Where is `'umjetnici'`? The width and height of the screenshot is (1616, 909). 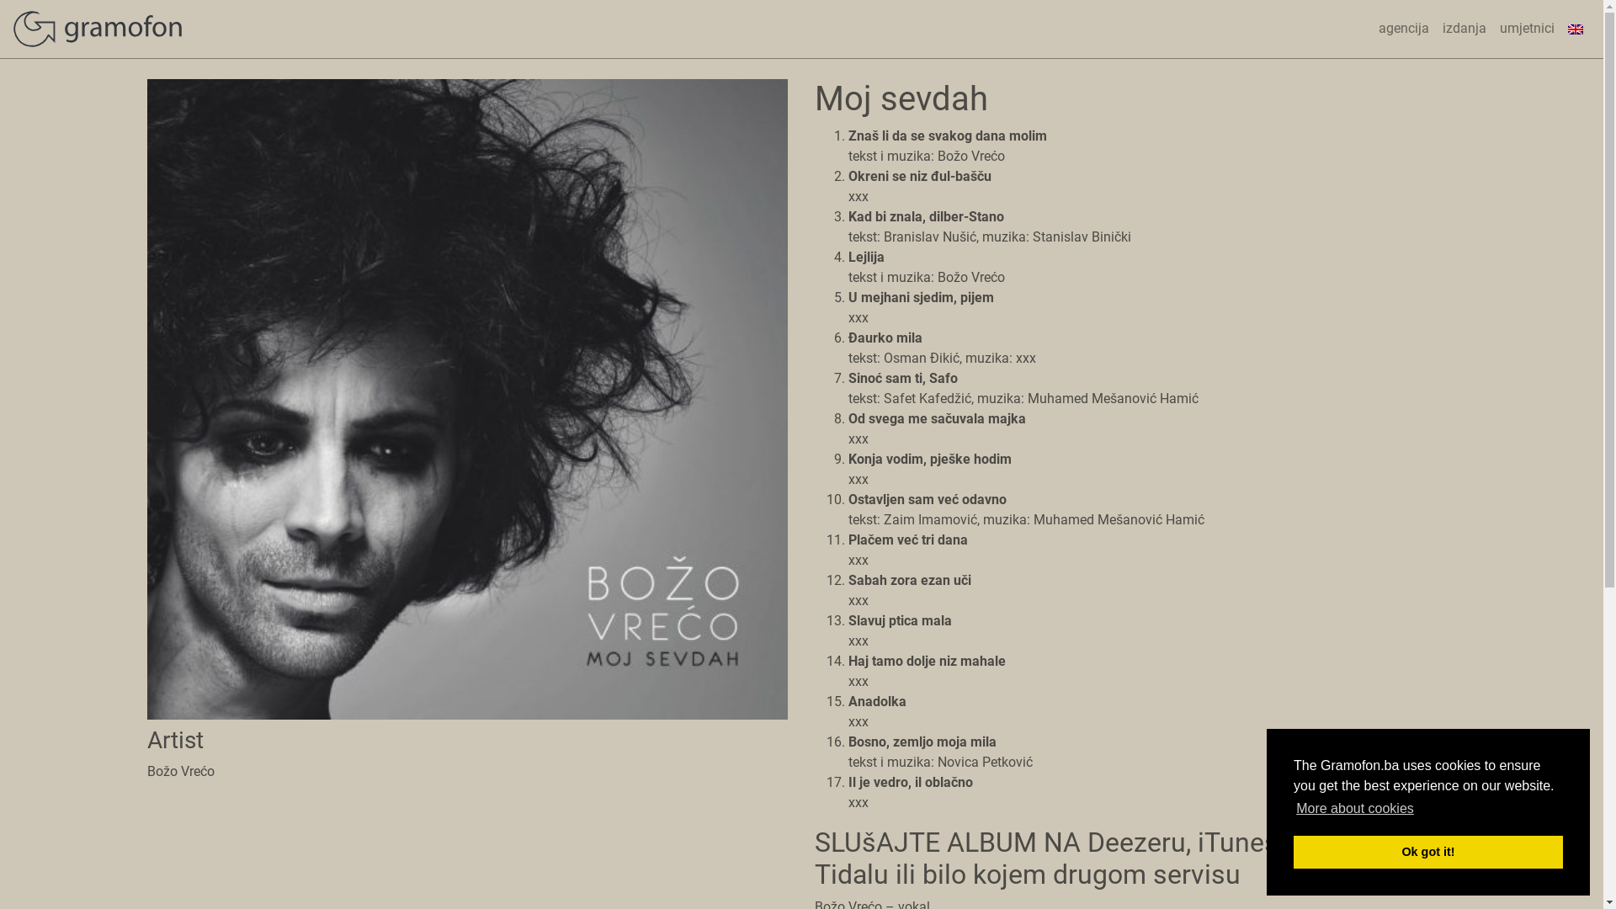 'umjetnici' is located at coordinates (1527, 29).